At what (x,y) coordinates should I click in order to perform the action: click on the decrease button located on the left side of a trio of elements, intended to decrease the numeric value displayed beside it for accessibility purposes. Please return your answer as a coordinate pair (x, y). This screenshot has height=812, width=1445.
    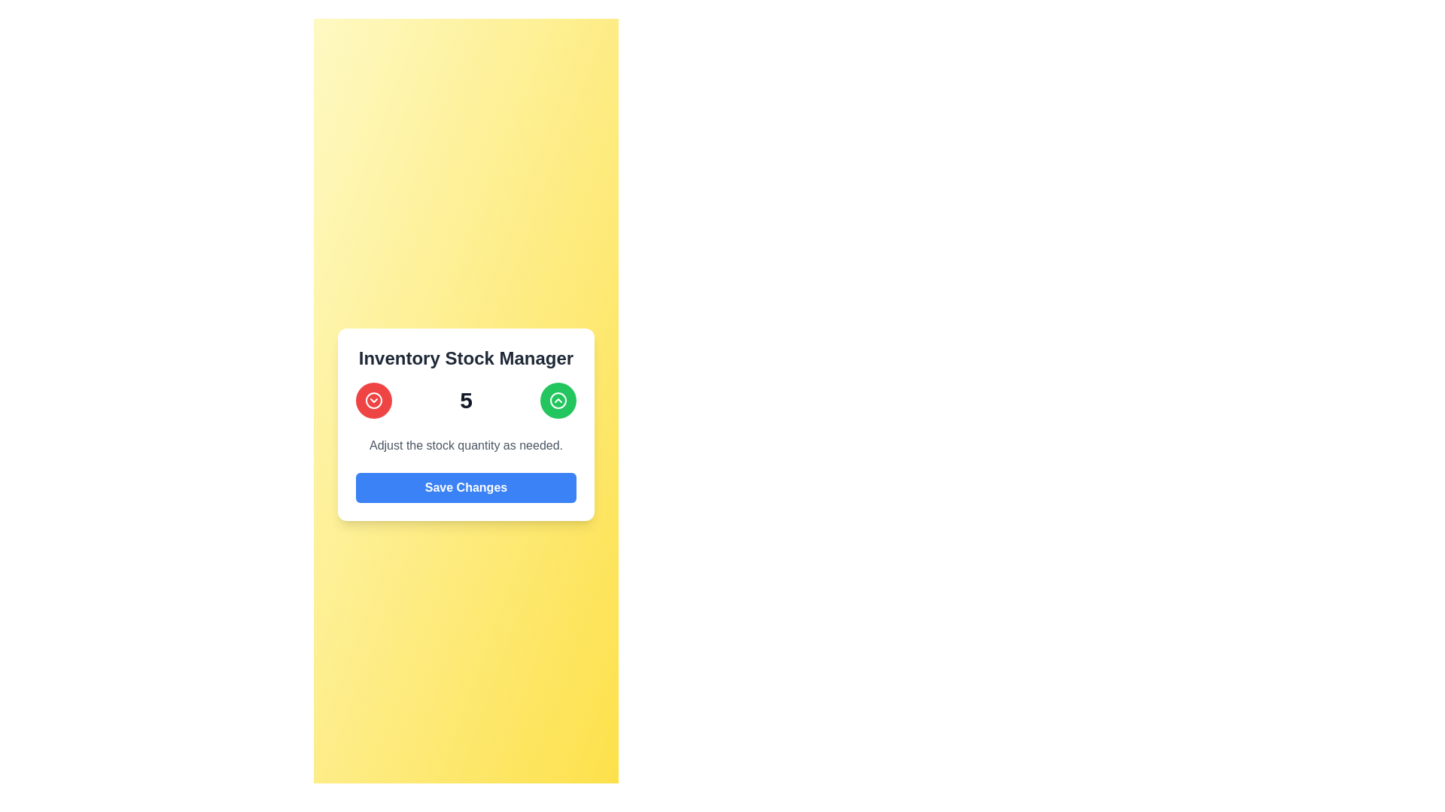
    Looking at the image, I should click on (374, 399).